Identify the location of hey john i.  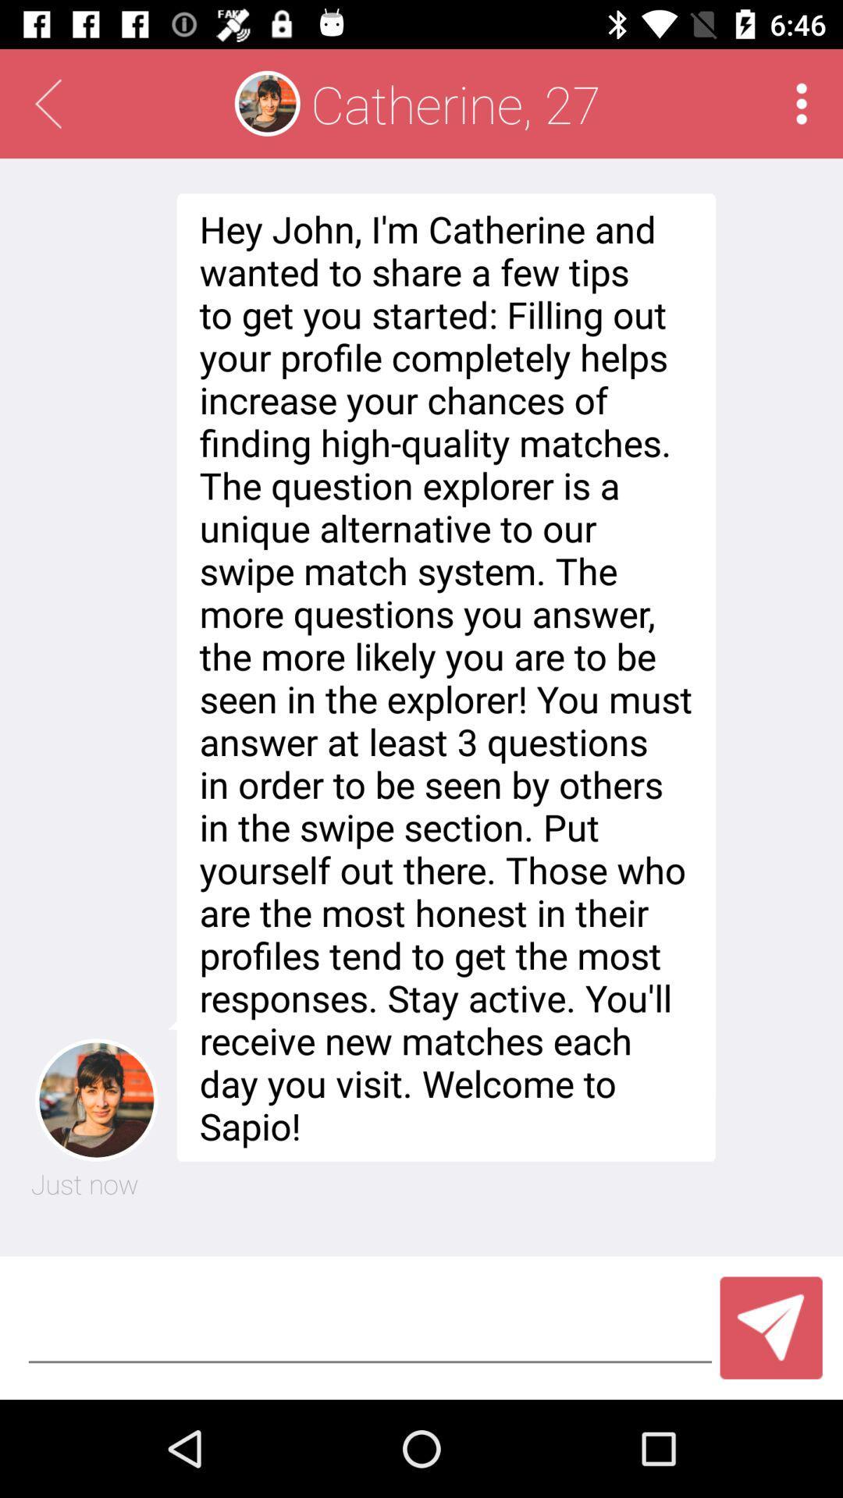
(442, 677).